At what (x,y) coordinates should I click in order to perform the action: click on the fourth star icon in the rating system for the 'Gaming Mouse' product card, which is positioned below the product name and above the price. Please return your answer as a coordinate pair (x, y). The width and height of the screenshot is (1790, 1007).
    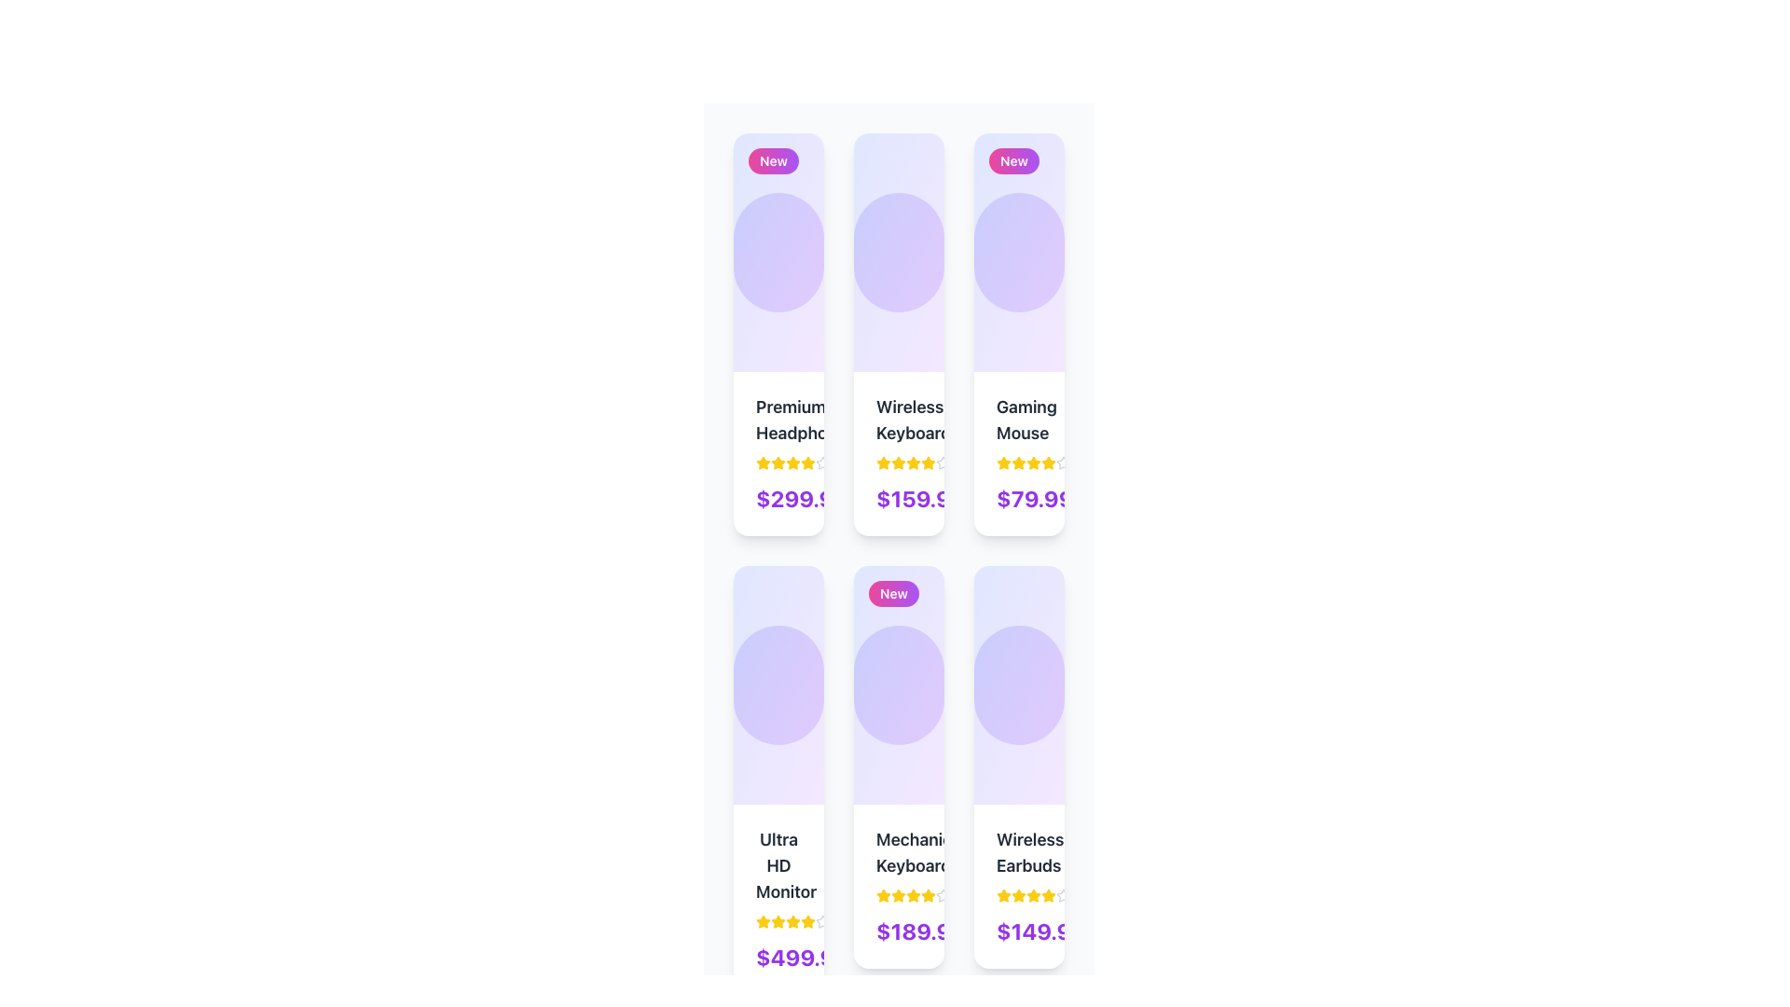
    Looking at the image, I should click on (1032, 462).